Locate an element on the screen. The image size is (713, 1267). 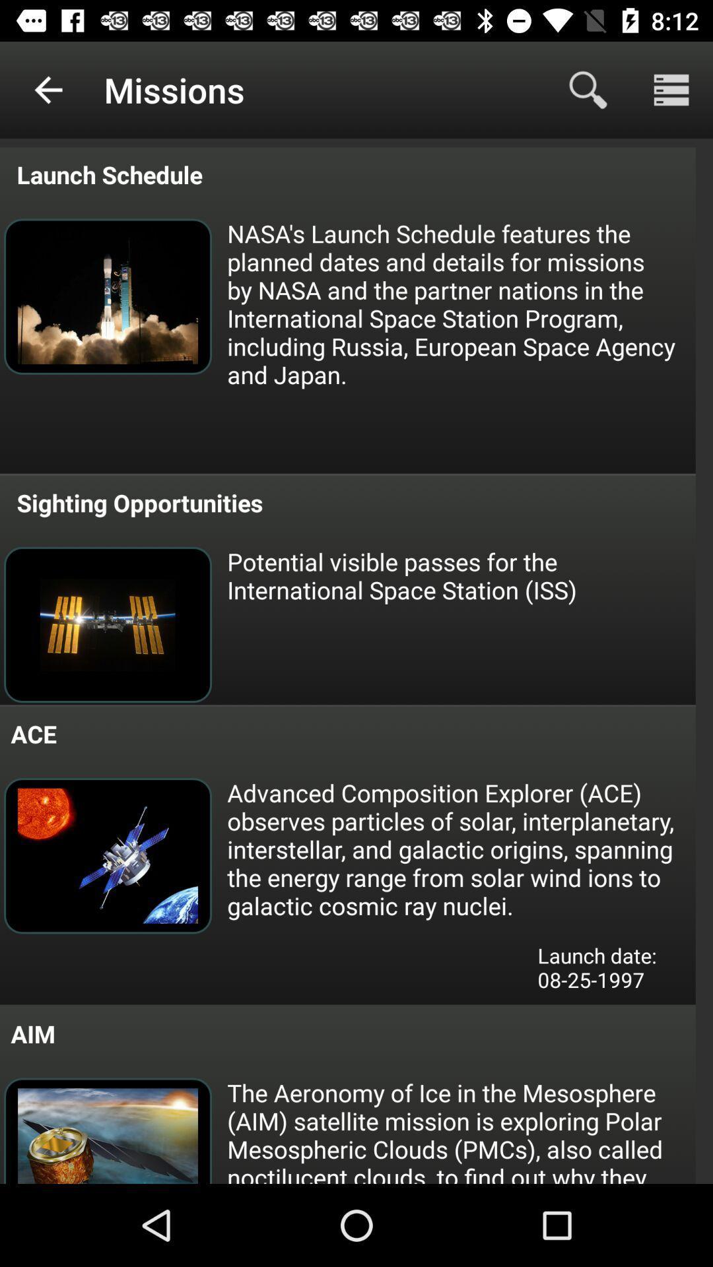
the potential visible passes is located at coordinates (459, 575).